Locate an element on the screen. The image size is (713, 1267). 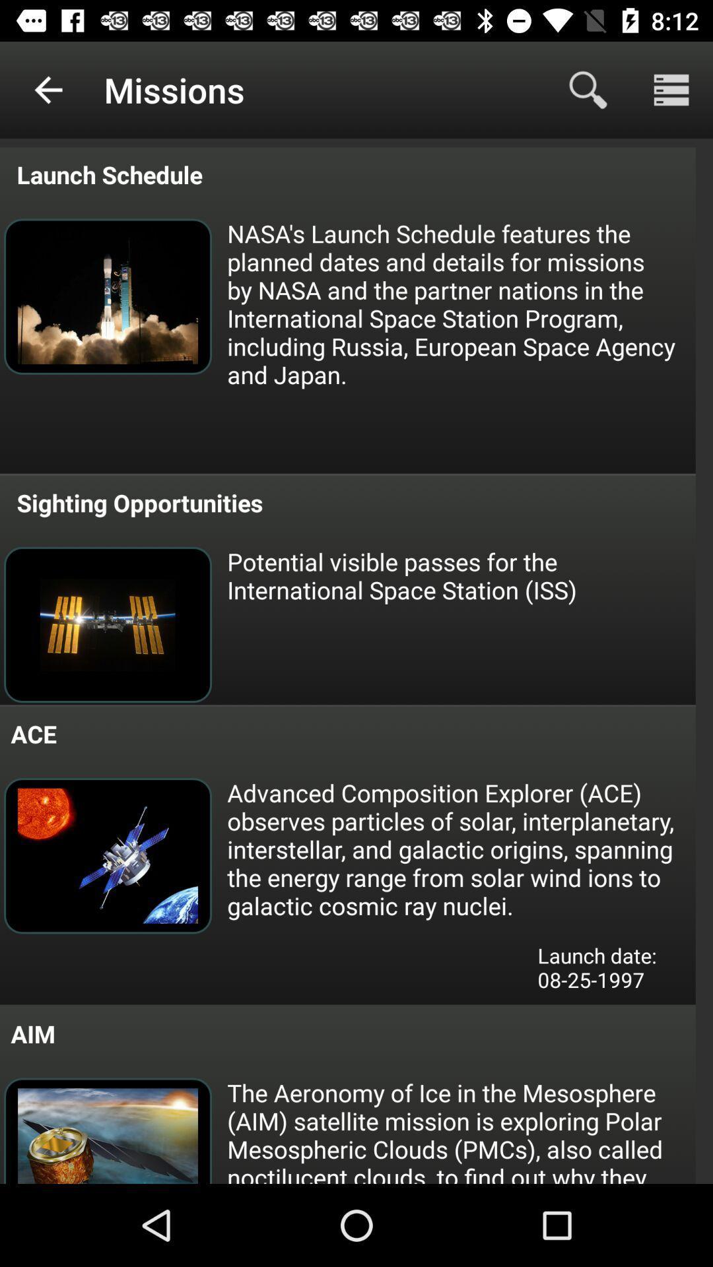
the potential visible passes is located at coordinates (459, 575).